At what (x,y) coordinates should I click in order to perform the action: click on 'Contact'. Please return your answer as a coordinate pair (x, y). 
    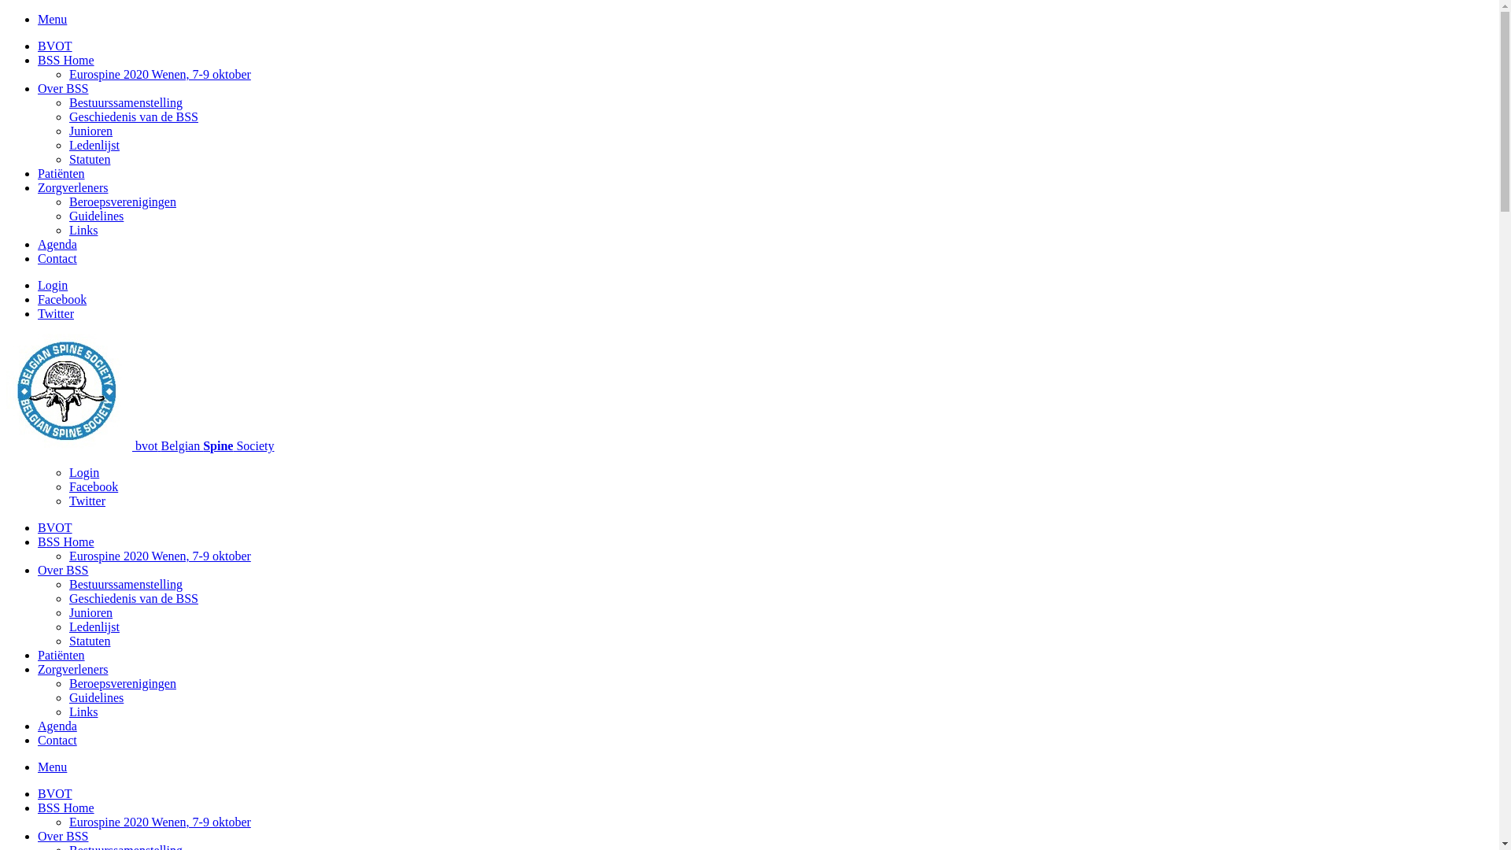
    Looking at the image, I should click on (57, 257).